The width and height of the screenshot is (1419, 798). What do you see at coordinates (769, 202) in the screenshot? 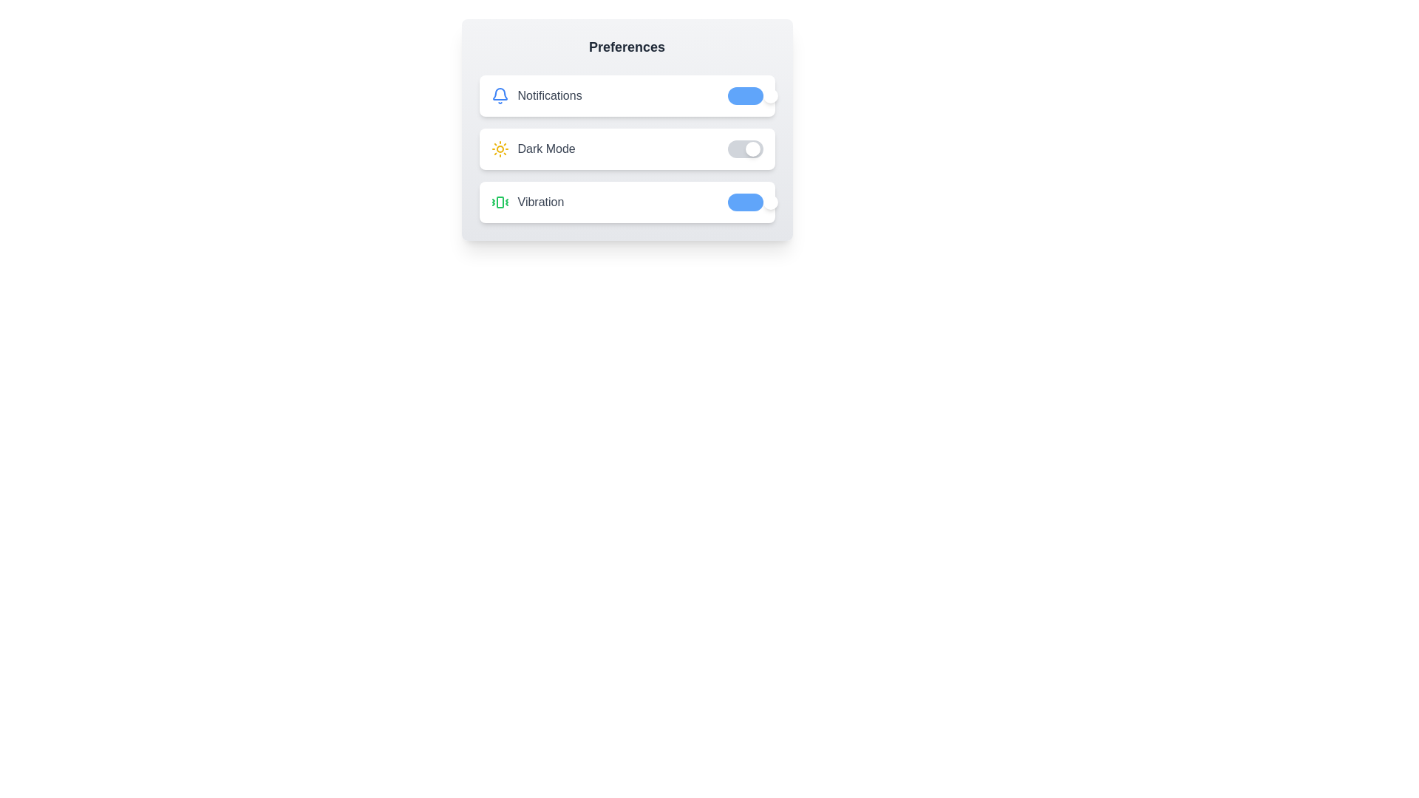
I see `the Draggable toggle handle at the rightmost end of the toggle switch for the 'Vibration' option` at bounding box center [769, 202].